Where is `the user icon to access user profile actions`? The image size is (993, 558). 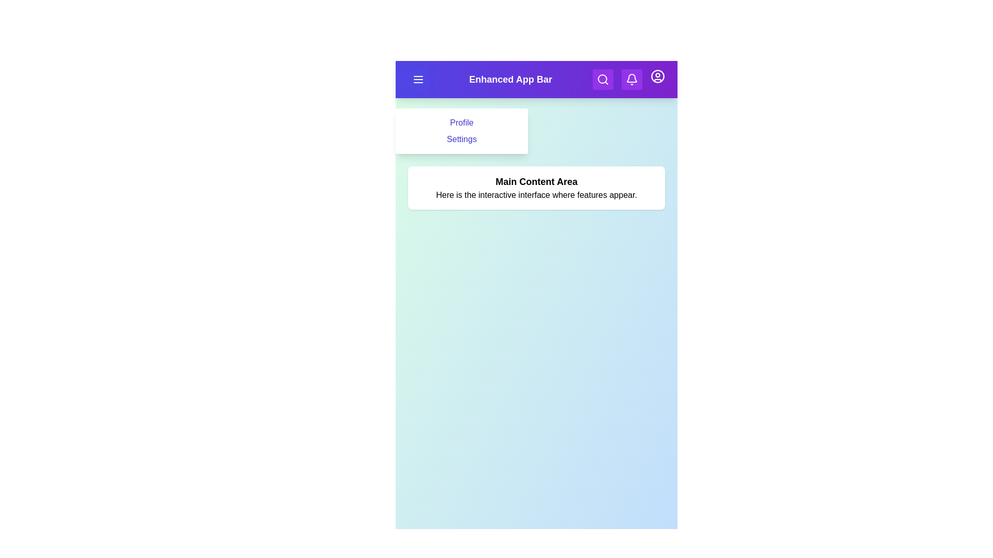
the user icon to access user profile actions is located at coordinates (657, 75).